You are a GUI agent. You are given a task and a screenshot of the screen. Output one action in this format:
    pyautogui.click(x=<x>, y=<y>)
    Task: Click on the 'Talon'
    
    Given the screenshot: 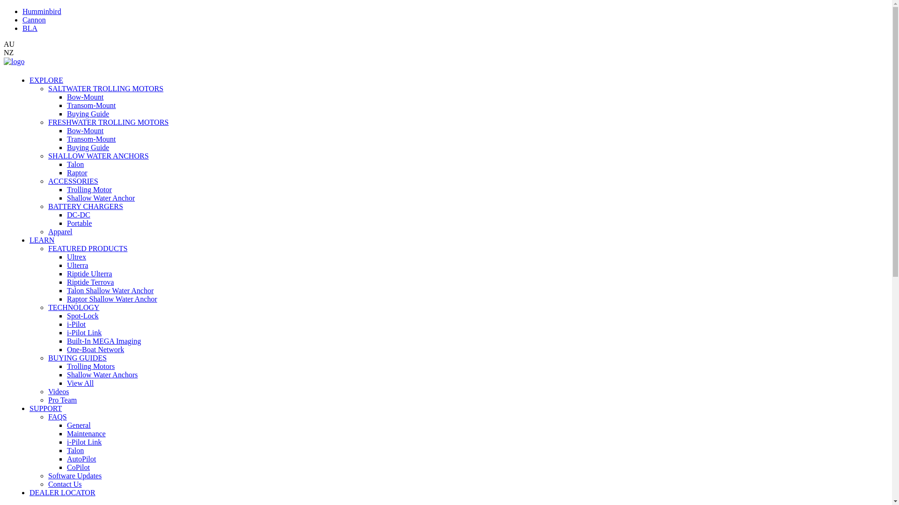 What is the action you would take?
    pyautogui.click(x=75, y=450)
    